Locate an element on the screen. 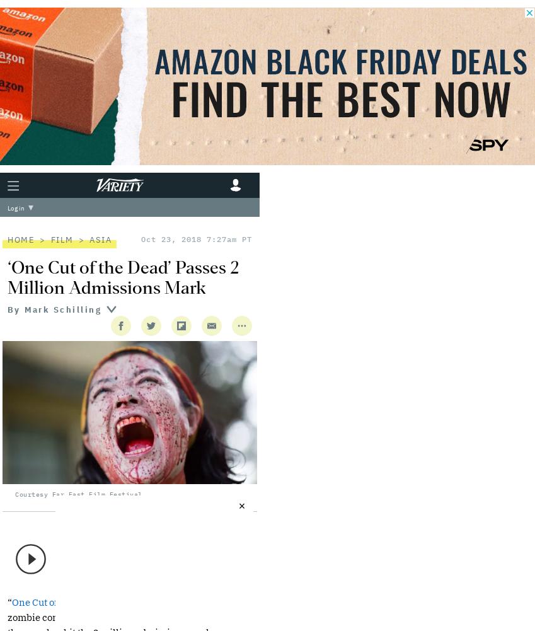  'Mark Schilling' is located at coordinates (62, 309).